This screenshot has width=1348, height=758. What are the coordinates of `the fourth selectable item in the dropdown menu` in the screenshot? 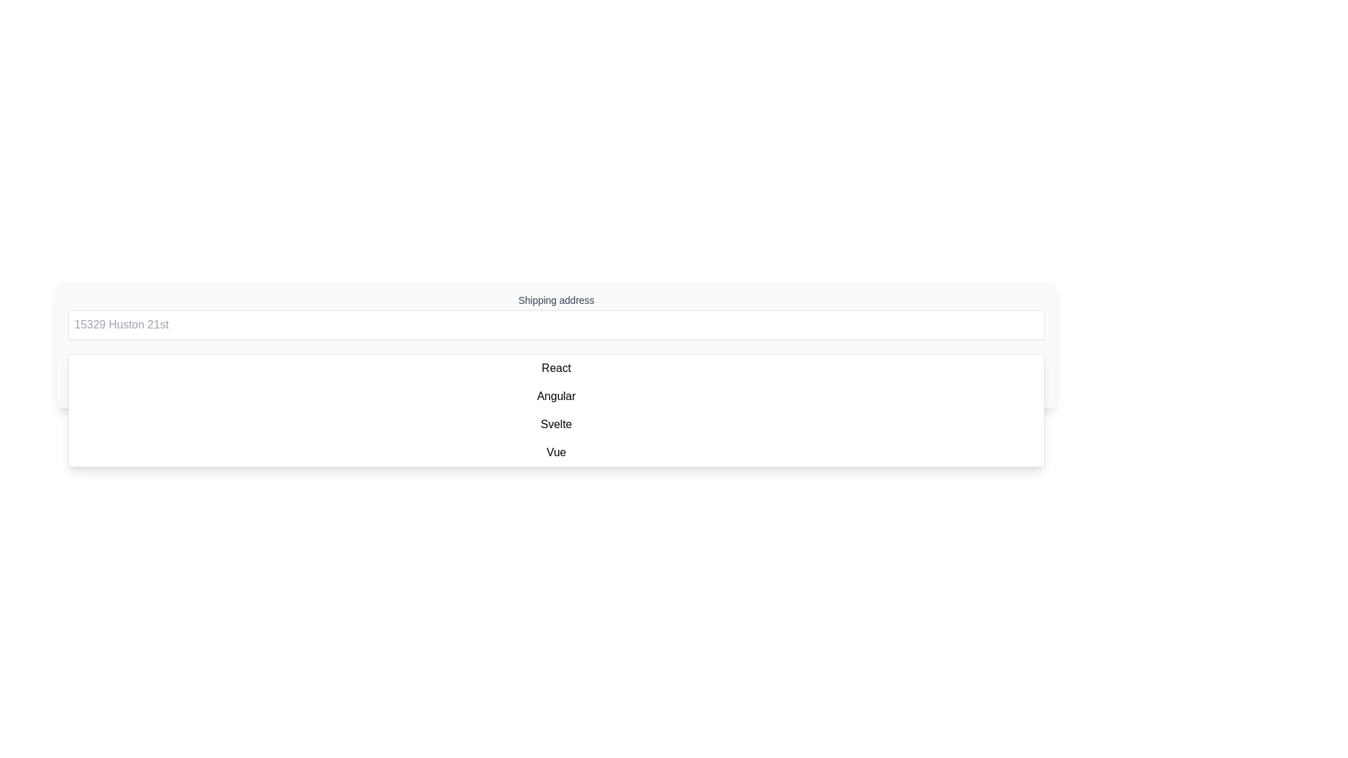 It's located at (555, 452).